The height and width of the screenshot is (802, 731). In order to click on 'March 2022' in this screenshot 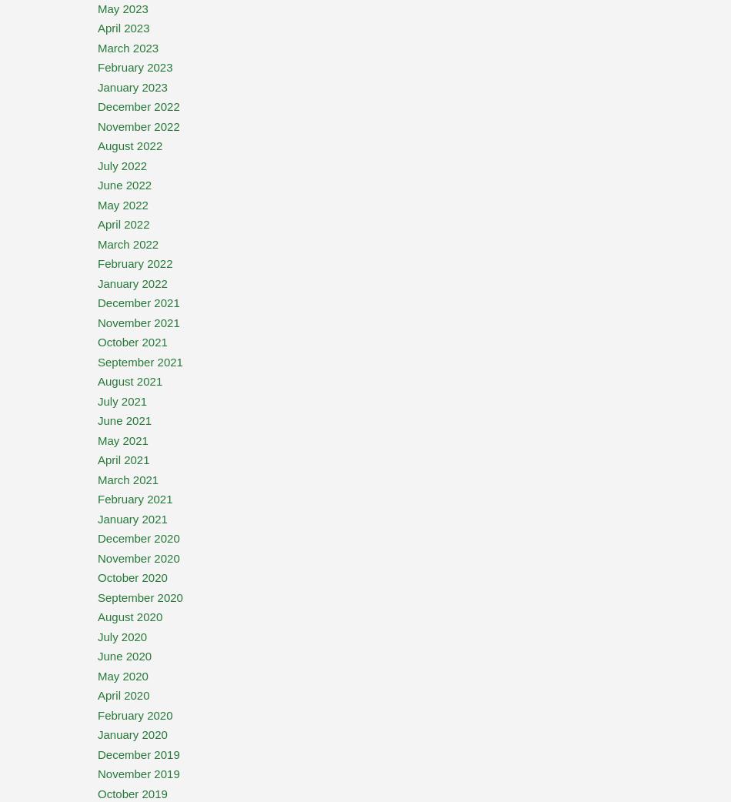, I will do `click(128, 243)`.